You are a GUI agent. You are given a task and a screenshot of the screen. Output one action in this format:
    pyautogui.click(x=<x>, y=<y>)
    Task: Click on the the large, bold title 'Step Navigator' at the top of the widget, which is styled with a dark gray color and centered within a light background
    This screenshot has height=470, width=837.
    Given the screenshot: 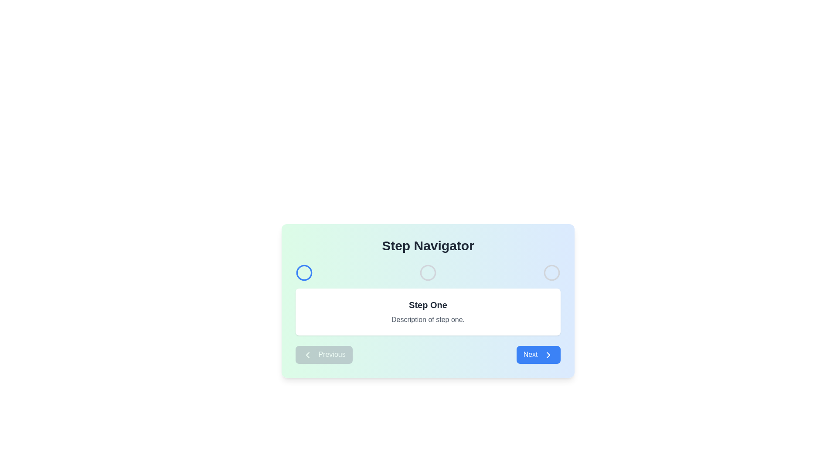 What is the action you would take?
    pyautogui.click(x=428, y=245)
    